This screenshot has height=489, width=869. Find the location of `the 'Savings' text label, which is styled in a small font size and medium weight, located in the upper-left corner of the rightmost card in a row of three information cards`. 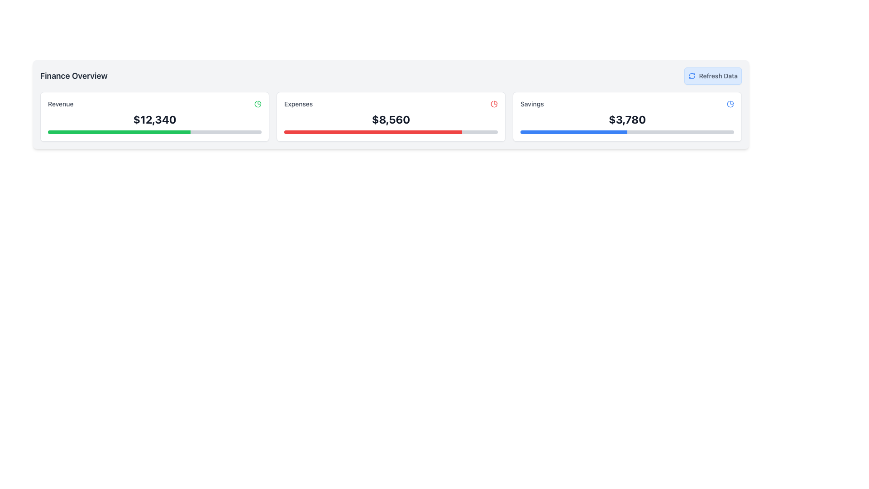

the 'Savings' text label, which is styled in a small font size and medium weight, located in the upper-left corner of the rightmost card in a row of three information cards is located at coordinates (532, 104).